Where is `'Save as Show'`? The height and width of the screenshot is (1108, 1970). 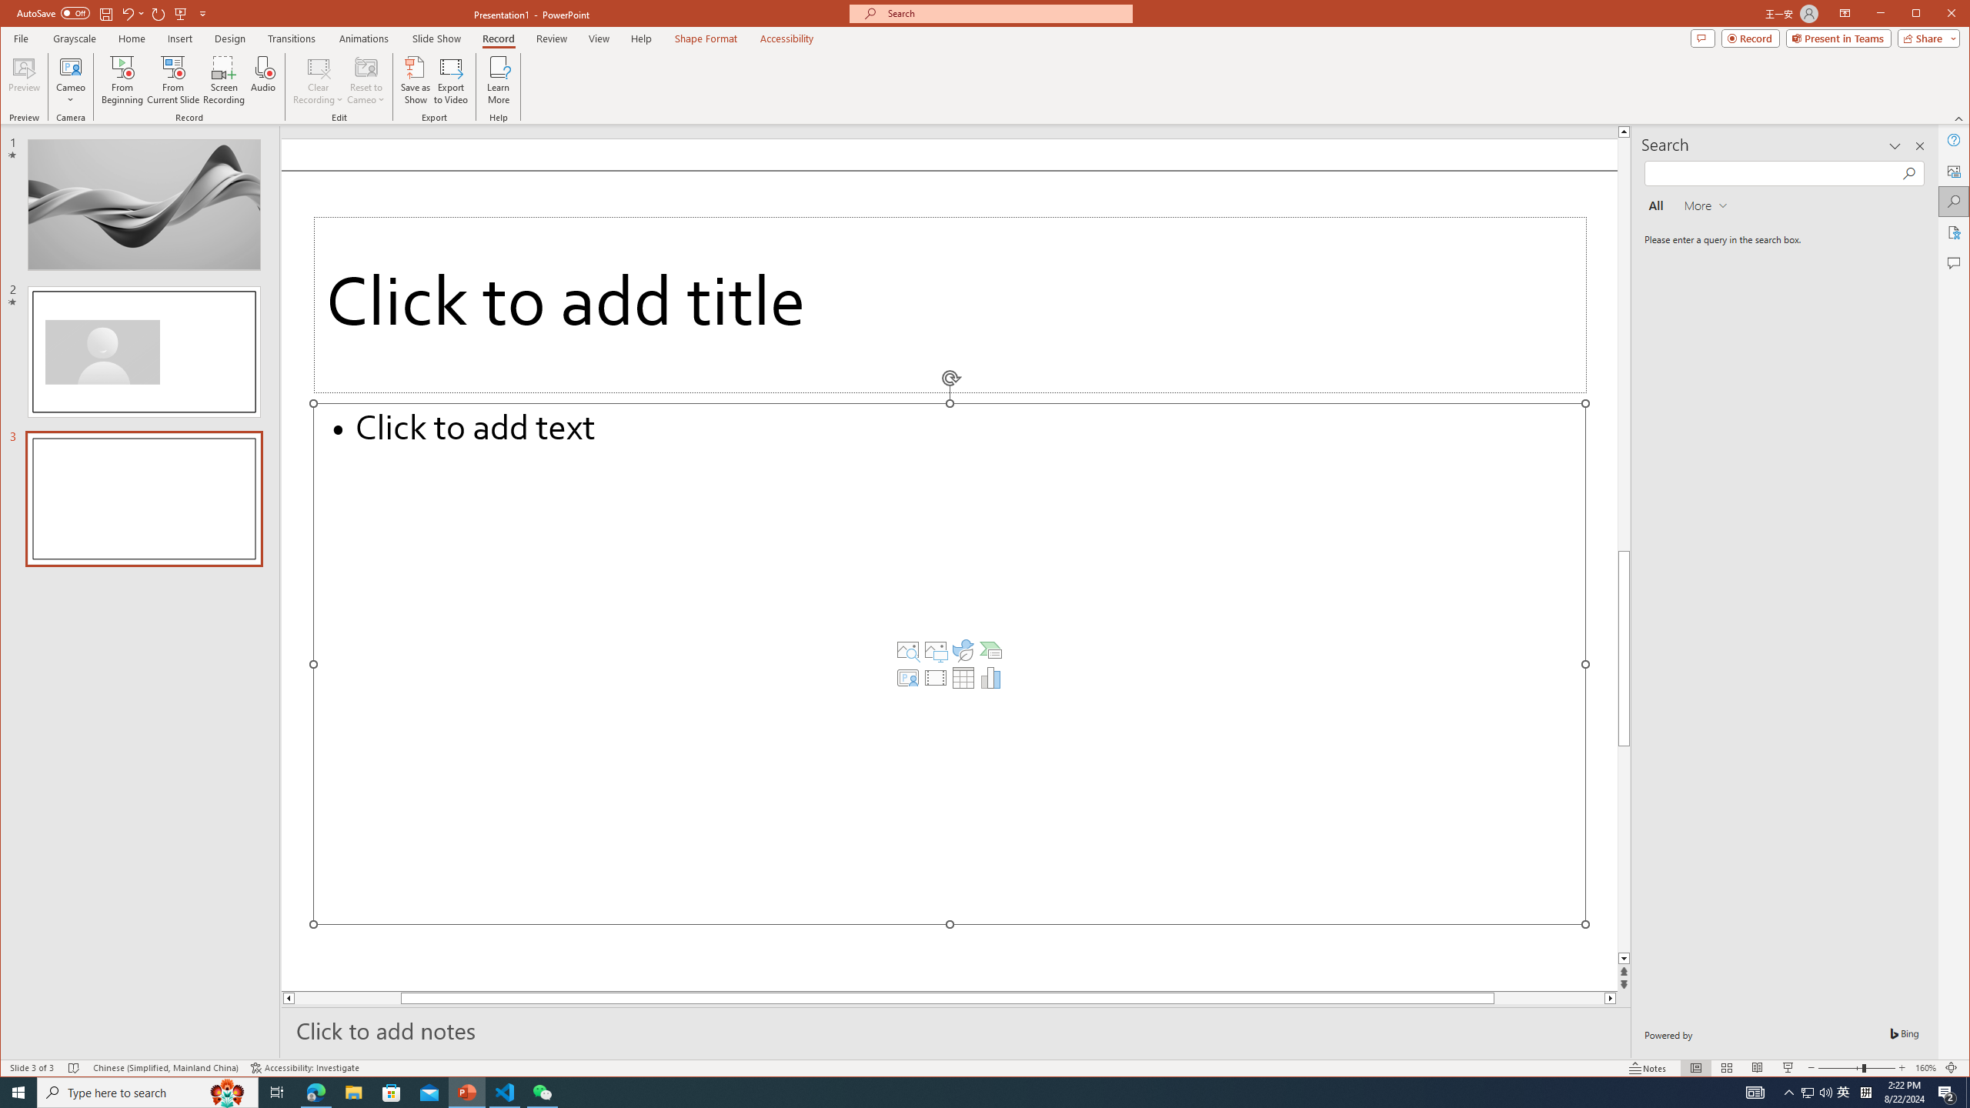 'Save as Show' is located at coordinates (416, 79).